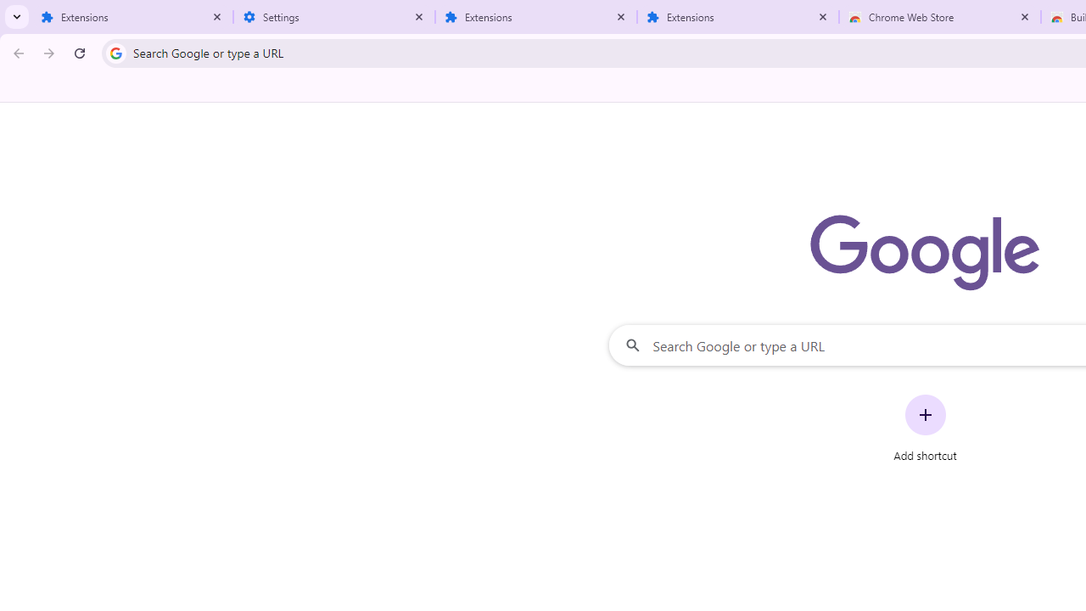 The height and width of the screenshot is (611, 1086). I want to click on 'Search tabs', so click(17, 17).